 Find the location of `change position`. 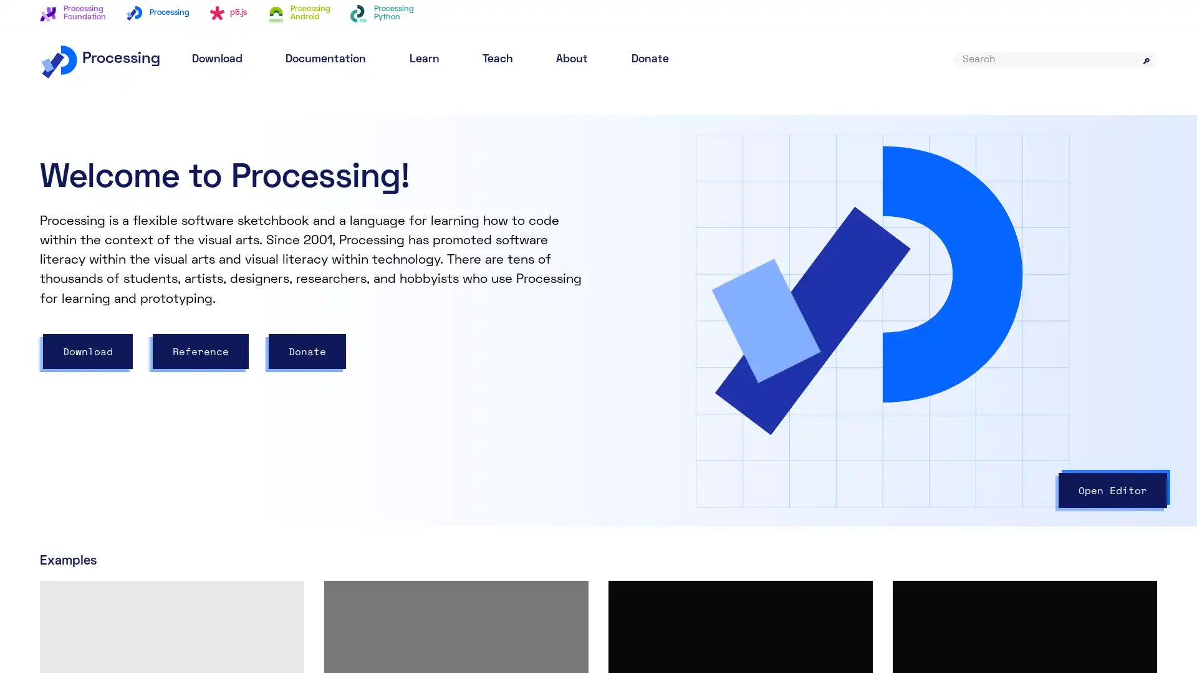

change position is located at coordinates (699, 327).